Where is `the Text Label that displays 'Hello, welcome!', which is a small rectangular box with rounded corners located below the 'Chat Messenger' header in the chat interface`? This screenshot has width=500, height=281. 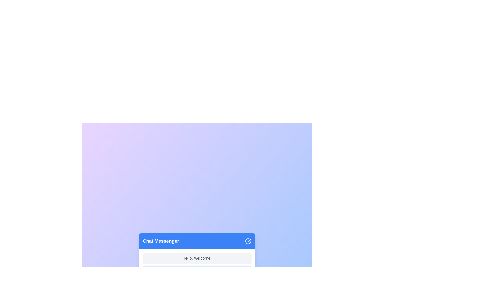 the Text Label that displays 'Hello, welcome!', which is a small rectangular box with rounded corners located below the 'Chat Messenger' header in the chat interface is located at coordinates (197, 258).